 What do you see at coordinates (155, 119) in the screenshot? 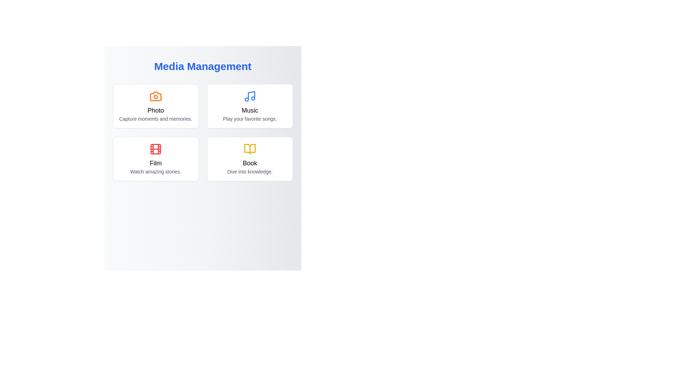
I see `the static text label that says 'Capture moments and memories.' which is styled in light gray and located below the 'Photo' text and camera icon` at bounding box center [155, 119].